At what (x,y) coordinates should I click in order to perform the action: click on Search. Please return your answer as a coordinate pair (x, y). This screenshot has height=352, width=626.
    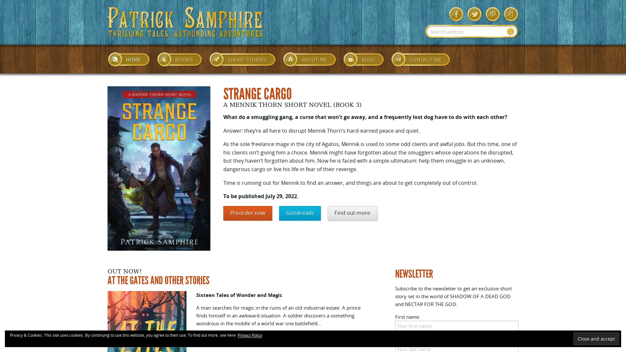
    Looking at the image, I should click on (510, 31).